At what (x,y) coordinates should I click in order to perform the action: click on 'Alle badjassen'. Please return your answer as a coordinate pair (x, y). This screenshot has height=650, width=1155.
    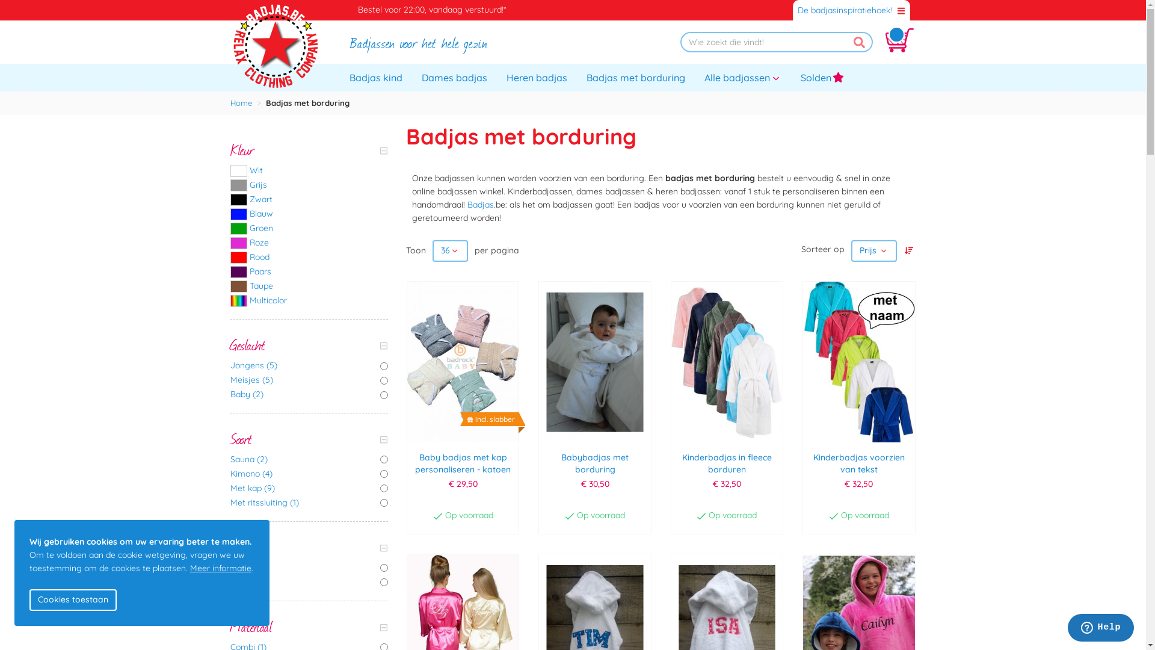
    Looking at the image, I should click on (742, 77).